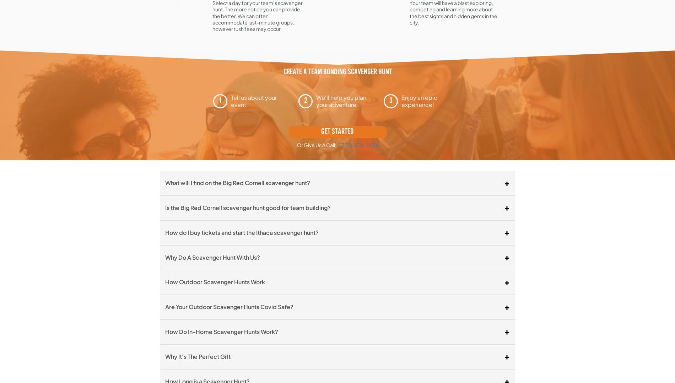 Image resolution: width=675 pixels, height=383 pixels. I want to click on 'CREATE A TEAM BONDING SCAVENGER HUNT', so click(337, 72).